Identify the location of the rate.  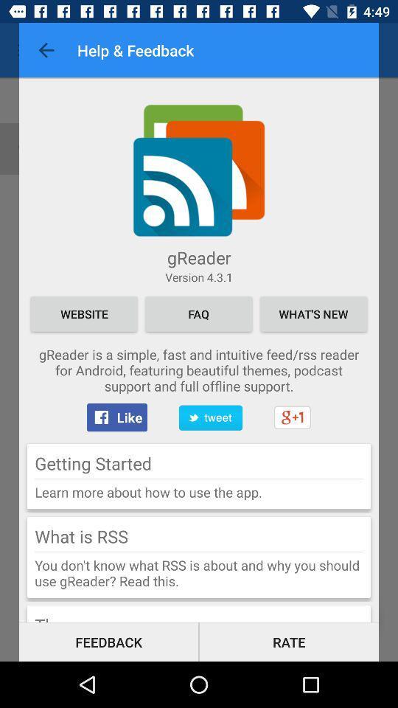
(289, 641).